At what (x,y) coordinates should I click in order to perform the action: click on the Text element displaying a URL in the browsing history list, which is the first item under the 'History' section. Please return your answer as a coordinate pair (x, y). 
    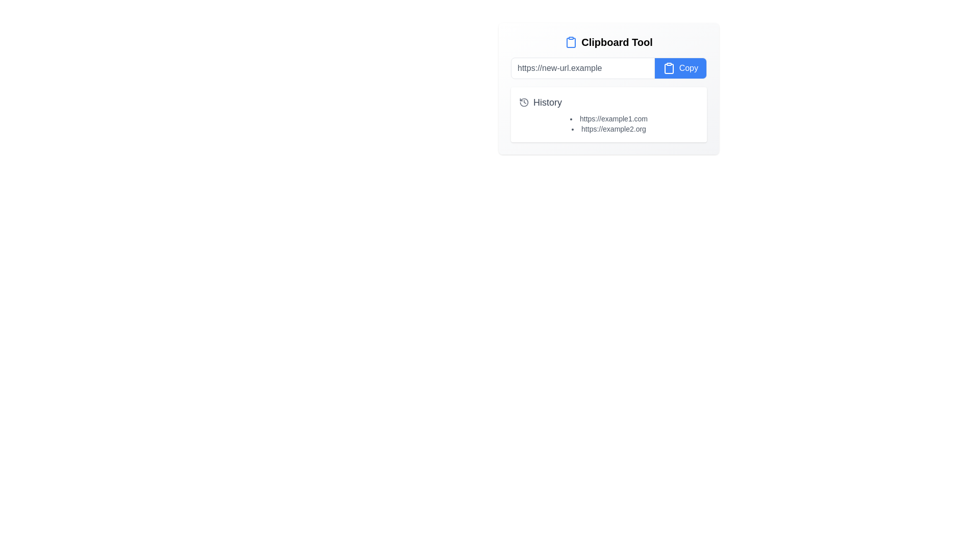
    Looking at the image, I should click on (609, 118).